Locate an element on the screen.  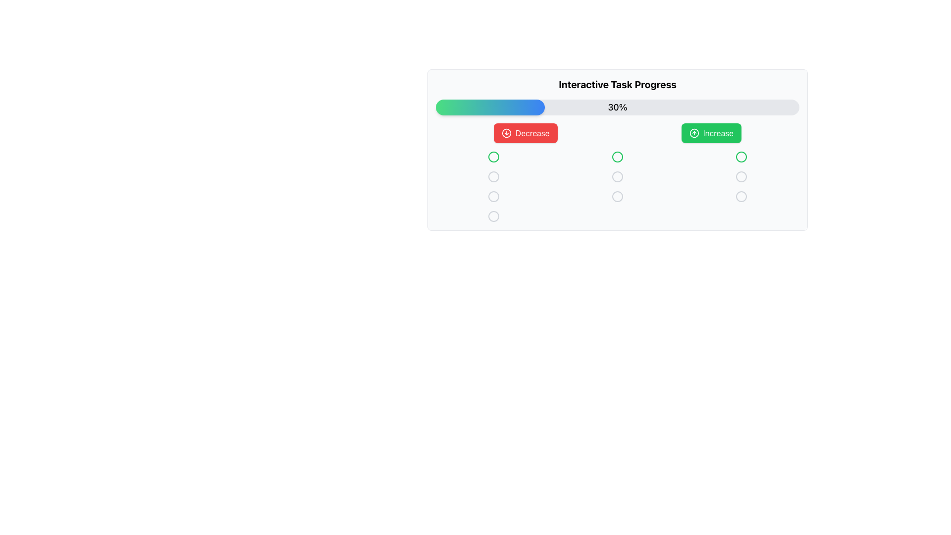
the decrease icon located to the left side of the 'Decrease' button text is located at coordinates (506, 133).